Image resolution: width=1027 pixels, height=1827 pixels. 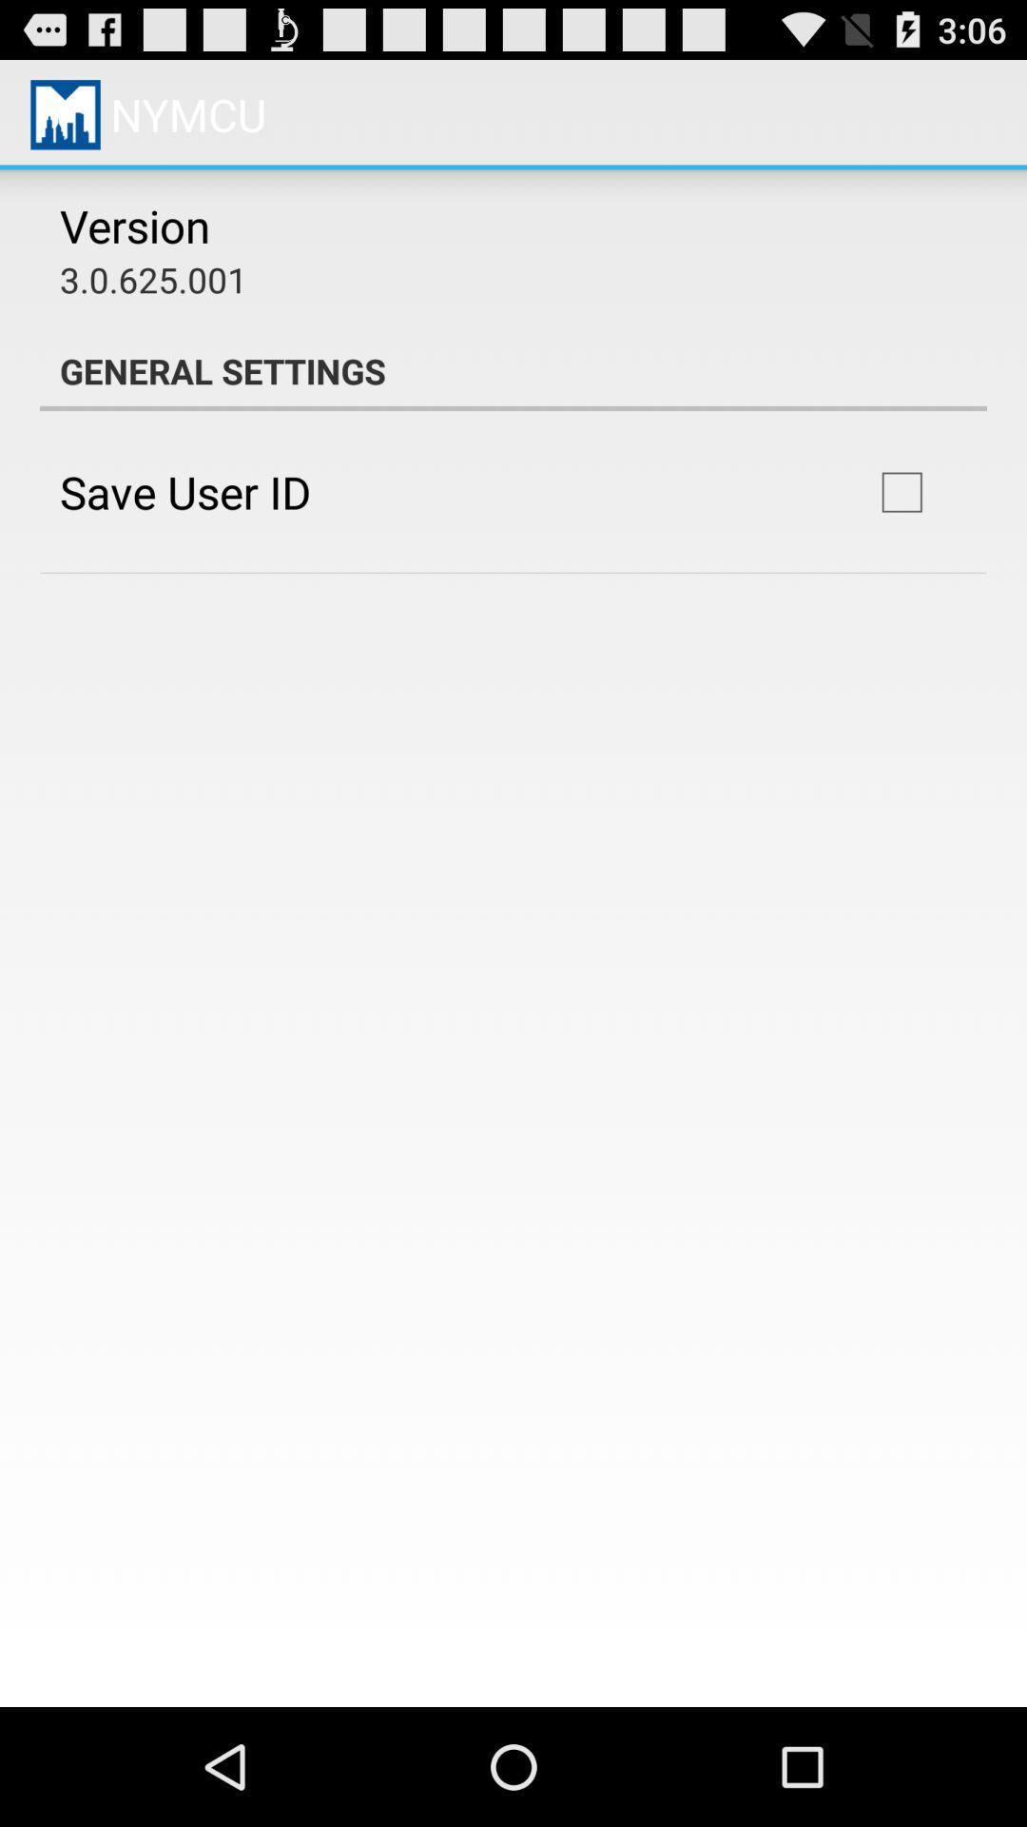 I want to click on version app, so click(x=134, y=226).